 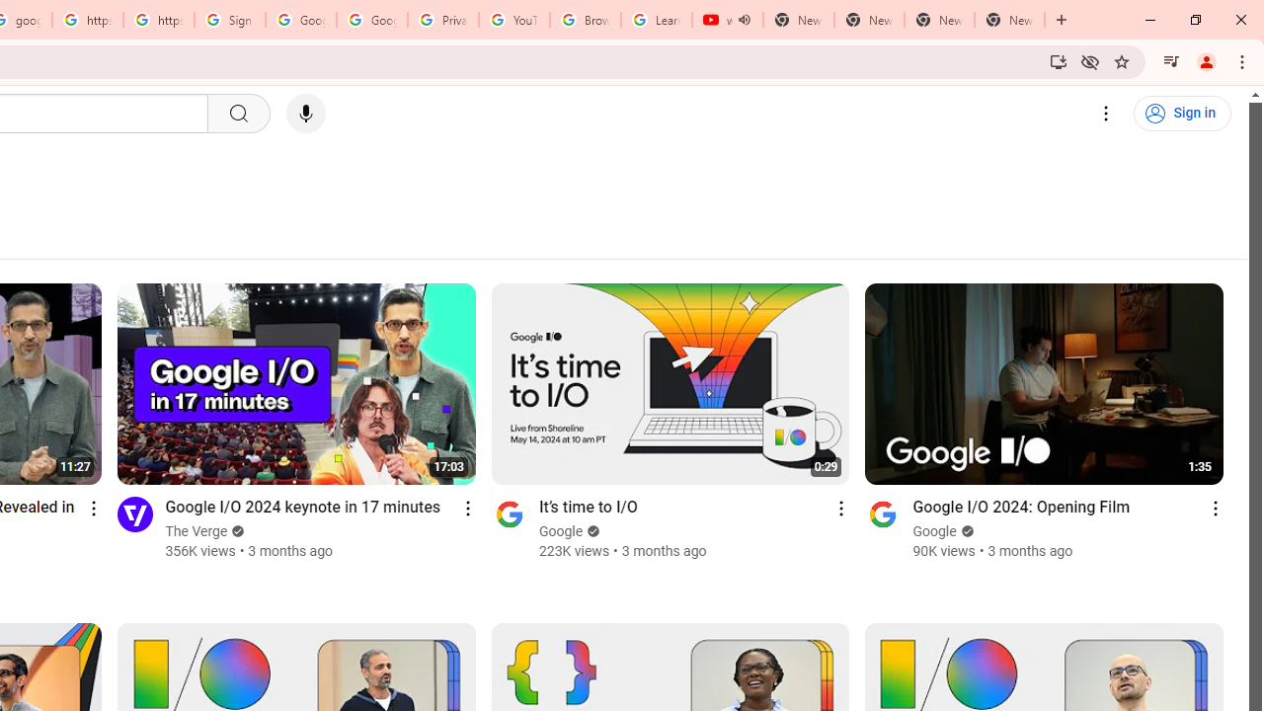 I want to click on 'The Verge', so click(x=197, y=530).